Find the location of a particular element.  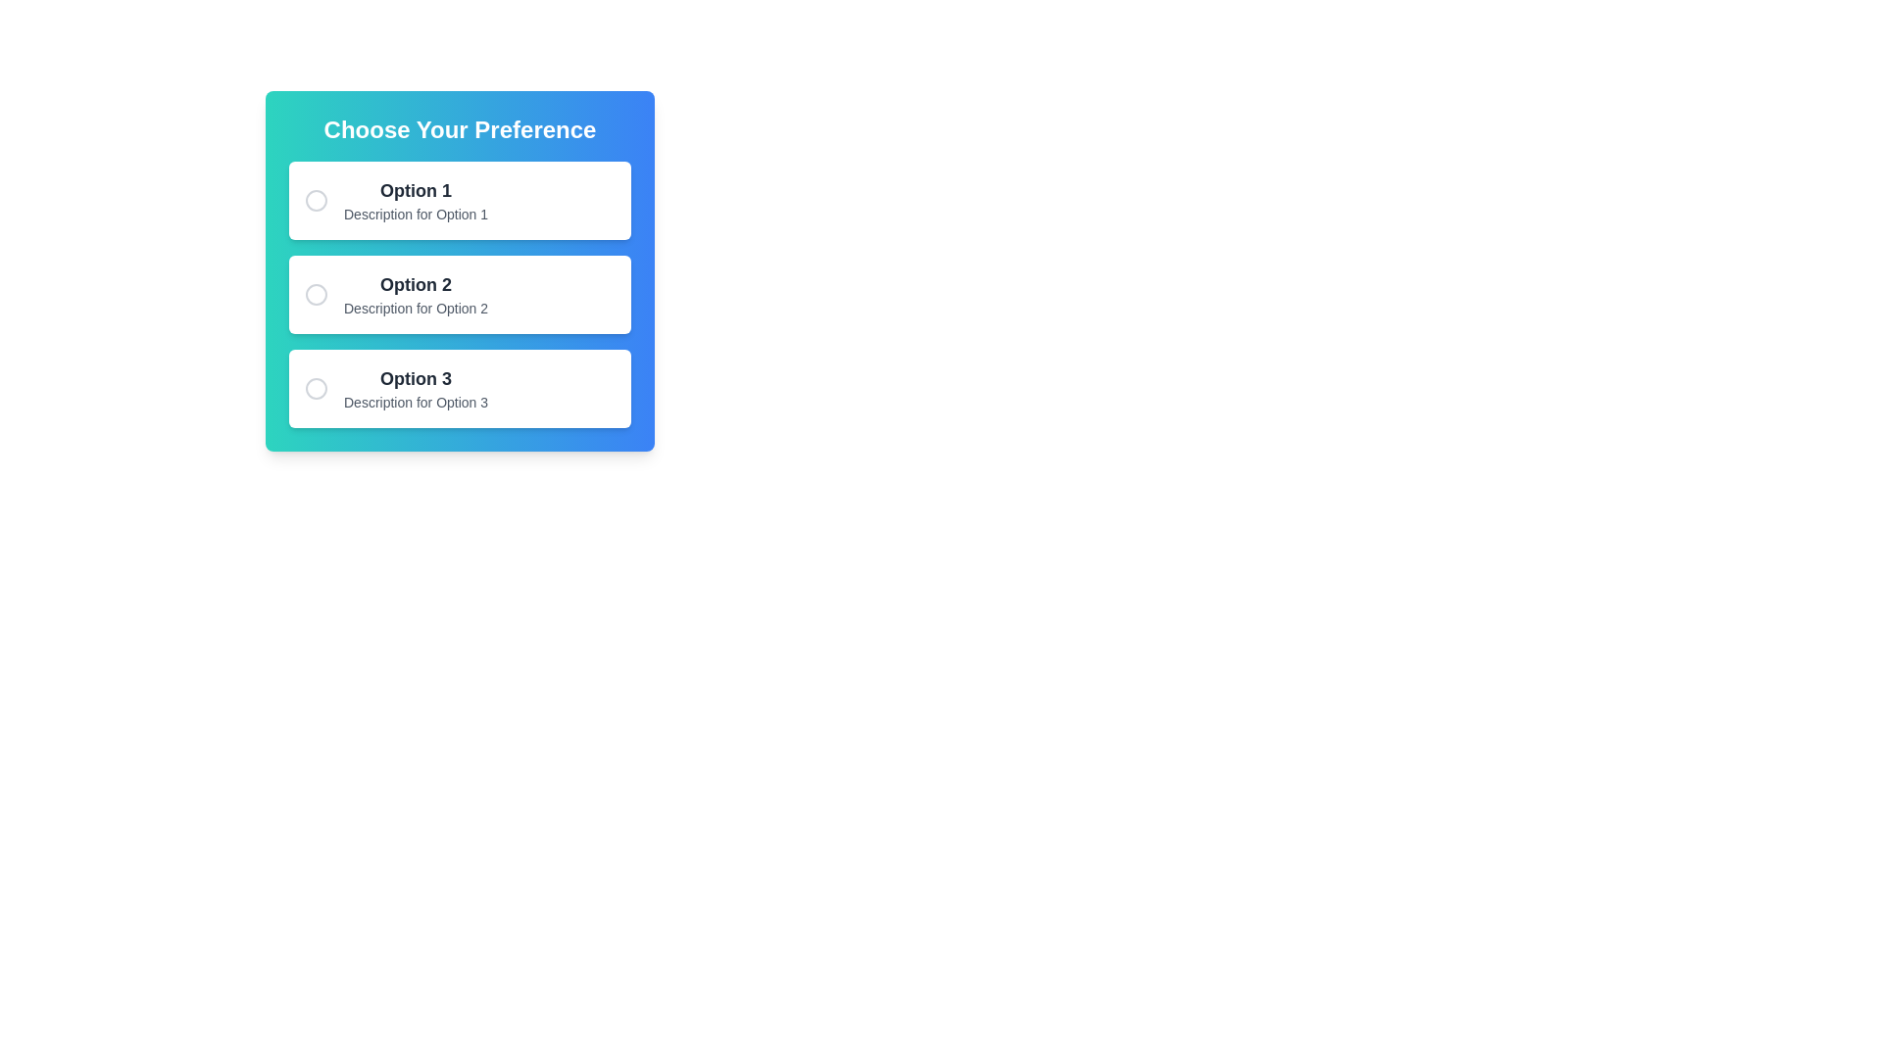

the gray radio button icon for Option 2 in the 'Choose Your Preference' card is located at coordinates (316, 294).